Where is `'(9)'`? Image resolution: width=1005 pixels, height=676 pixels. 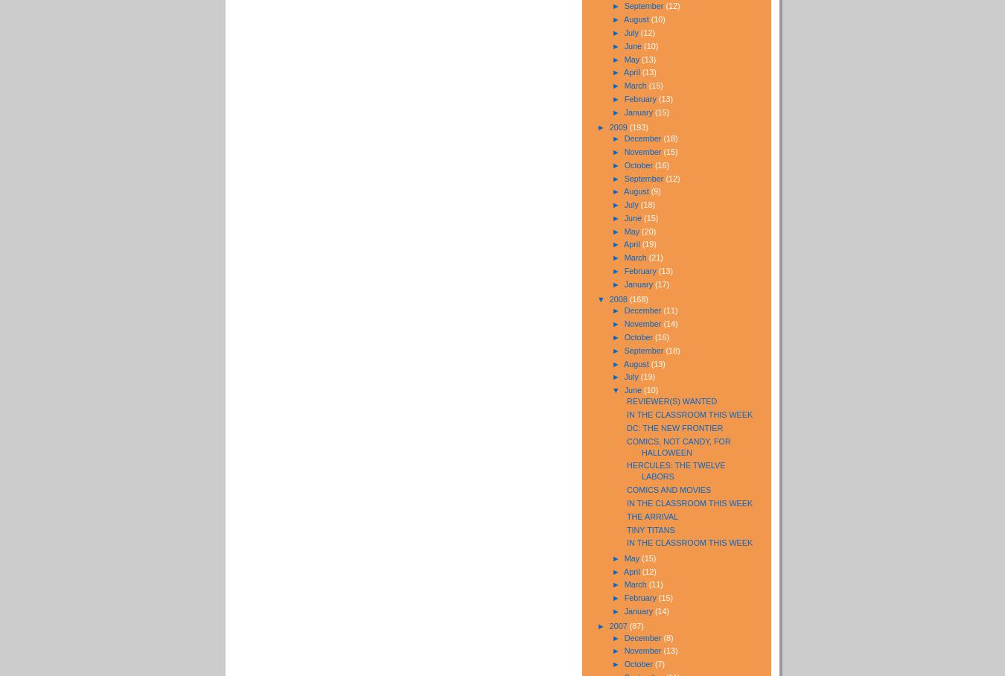 '(9)' is located at coordinates (655, 190).